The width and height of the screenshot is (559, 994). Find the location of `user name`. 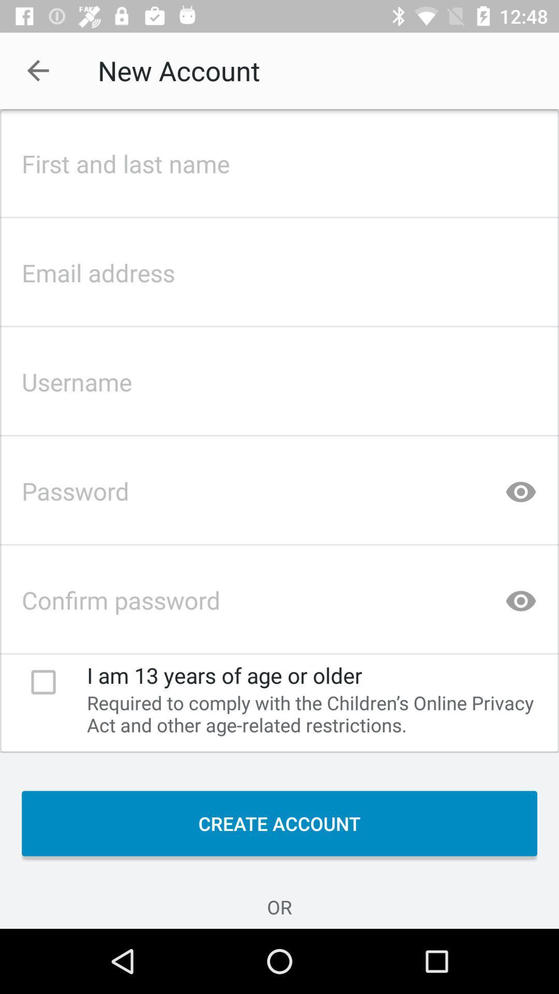

user name is located at coordinates (279, 378).